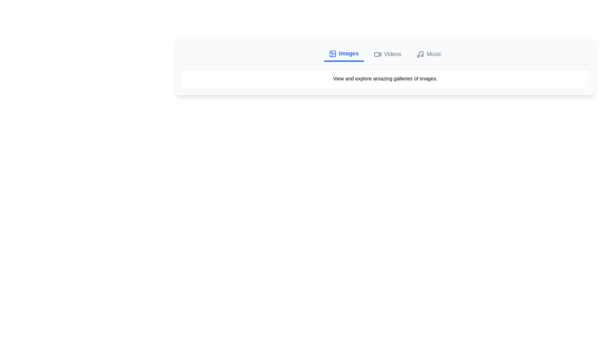 This screenshot has width=608, height=342. Describe the element at coordinates (429, 54) in the screenshot. I see `the Music tab` at that location.